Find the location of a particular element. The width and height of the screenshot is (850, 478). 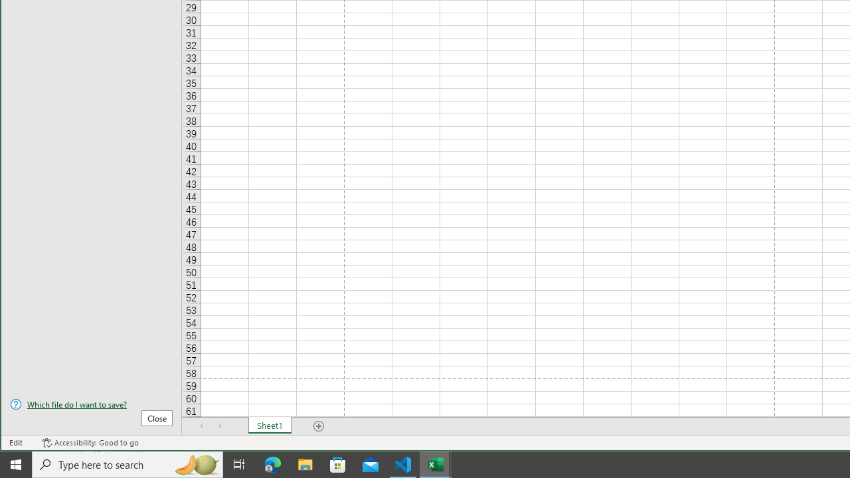

'Accessibility Checker Accessibility: Good to go' is located at coordinates (90, 443).